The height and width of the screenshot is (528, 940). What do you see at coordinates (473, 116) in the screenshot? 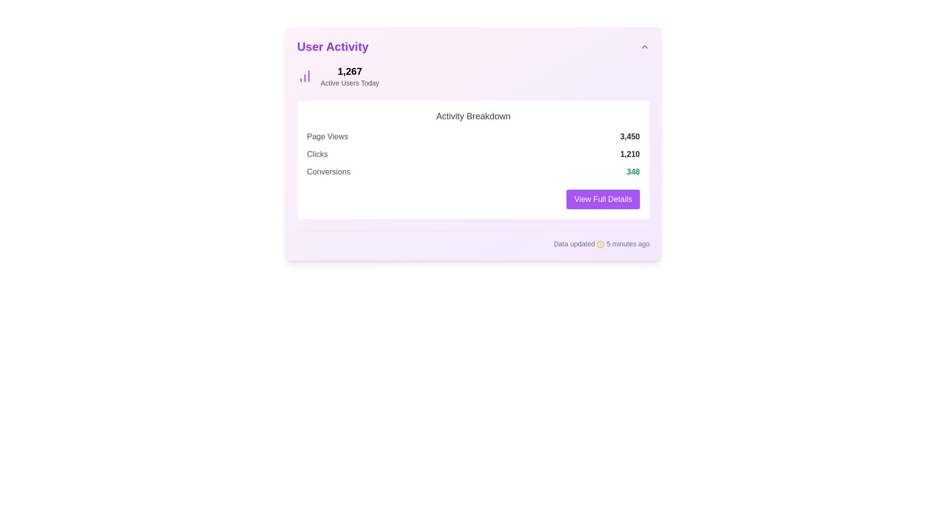
I see `descriptive title text located within a white box surrounded by a lightly shaded purple background, positioned near the top-left of the box above the metrics list and the 'View Full Details' button` at bounding box center [473, 116].